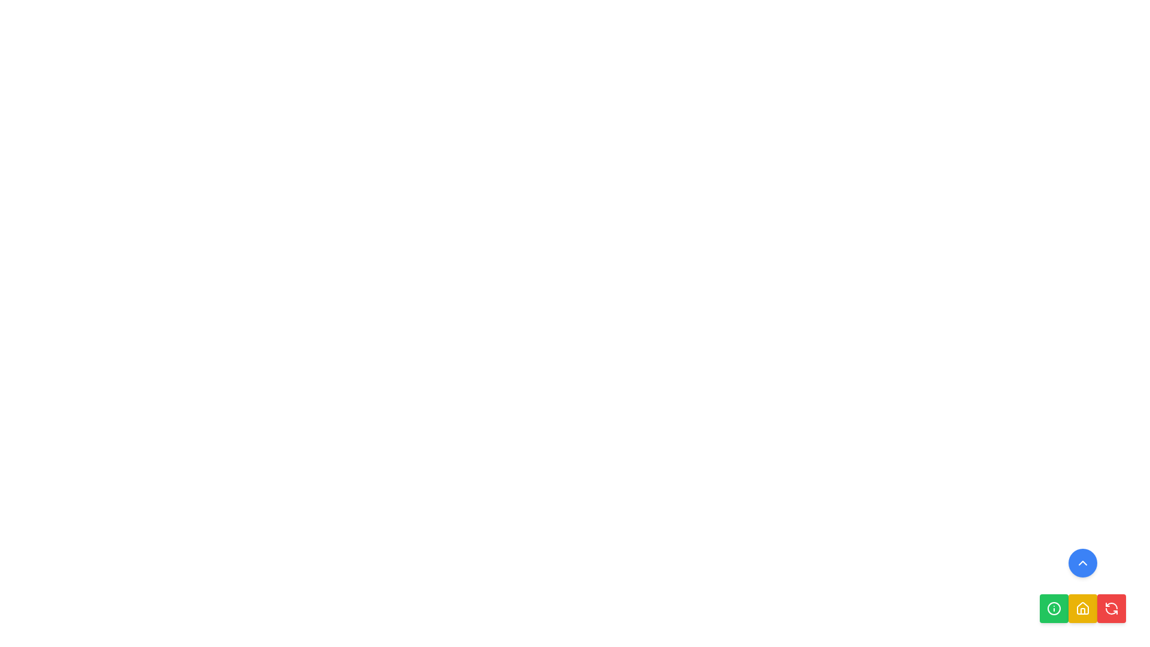  What do you see at coordinates (1111, 610) in the screenshot?
I see `the lower semicircle segment of the refresh icon, which is part of a circular arrow styled in a minimalist design within an SVG` at bounding box center [1111, 610].